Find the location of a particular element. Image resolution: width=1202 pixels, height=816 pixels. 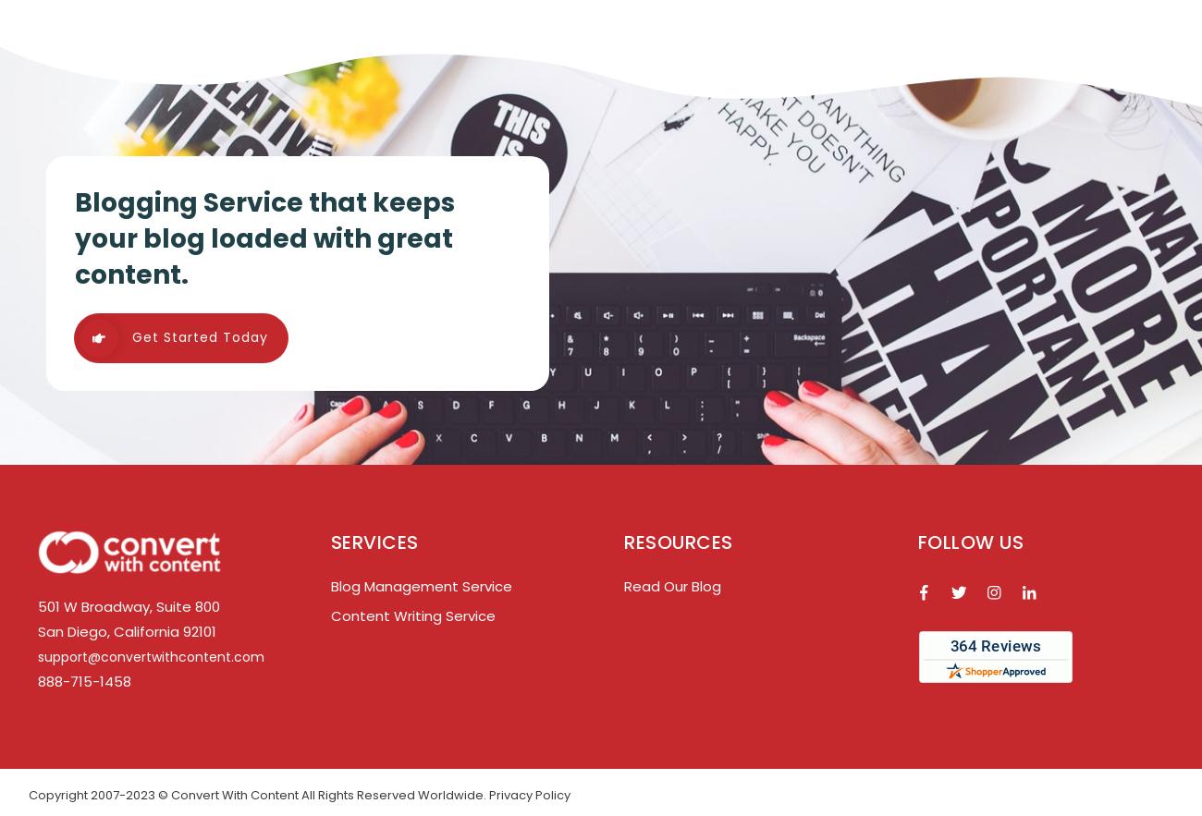

'Blogging Service that keeps your blog loaded with great content.' is located at coordinates (264, 237).